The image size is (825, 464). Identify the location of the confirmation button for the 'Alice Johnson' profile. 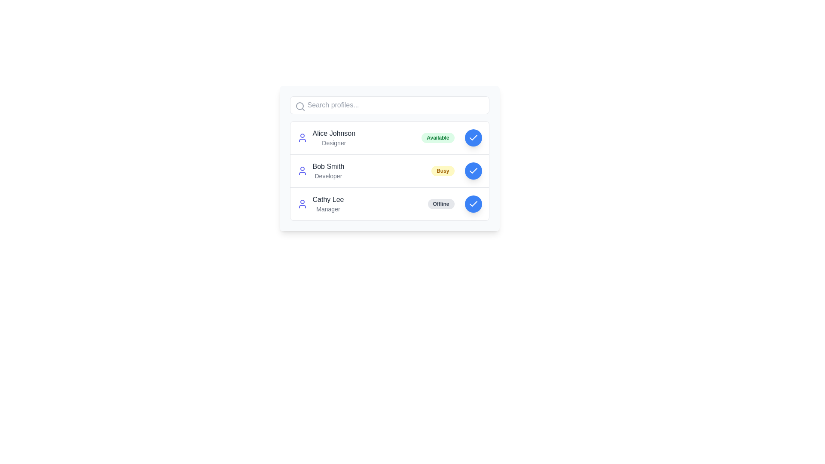
(473, 137).